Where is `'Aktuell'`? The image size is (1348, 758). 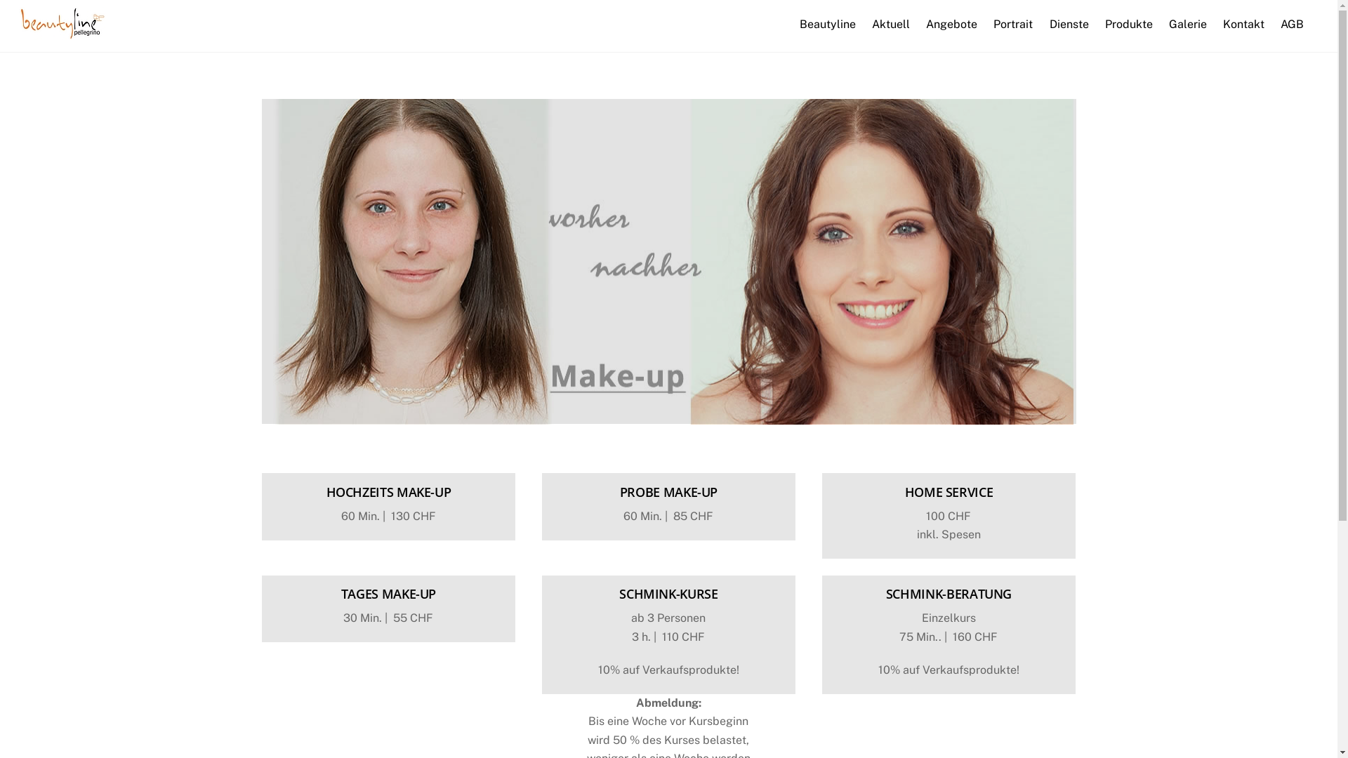
'Aktuell' is located at coordinates (890, 24).